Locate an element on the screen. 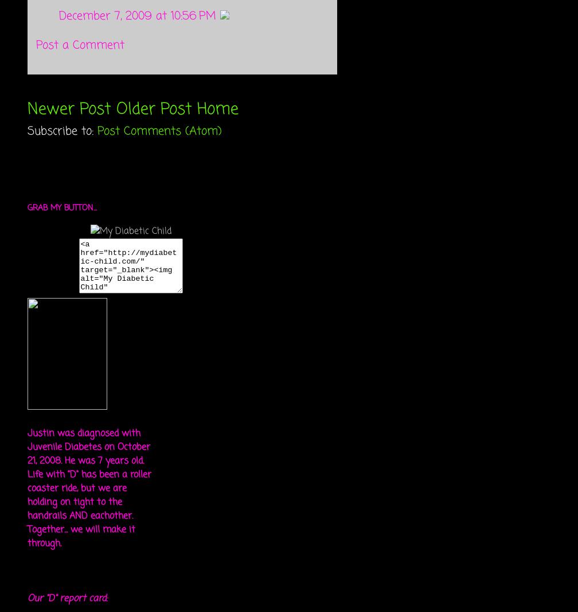  'GRAB MY BUTTON...' is located at coordinates (62, 207).